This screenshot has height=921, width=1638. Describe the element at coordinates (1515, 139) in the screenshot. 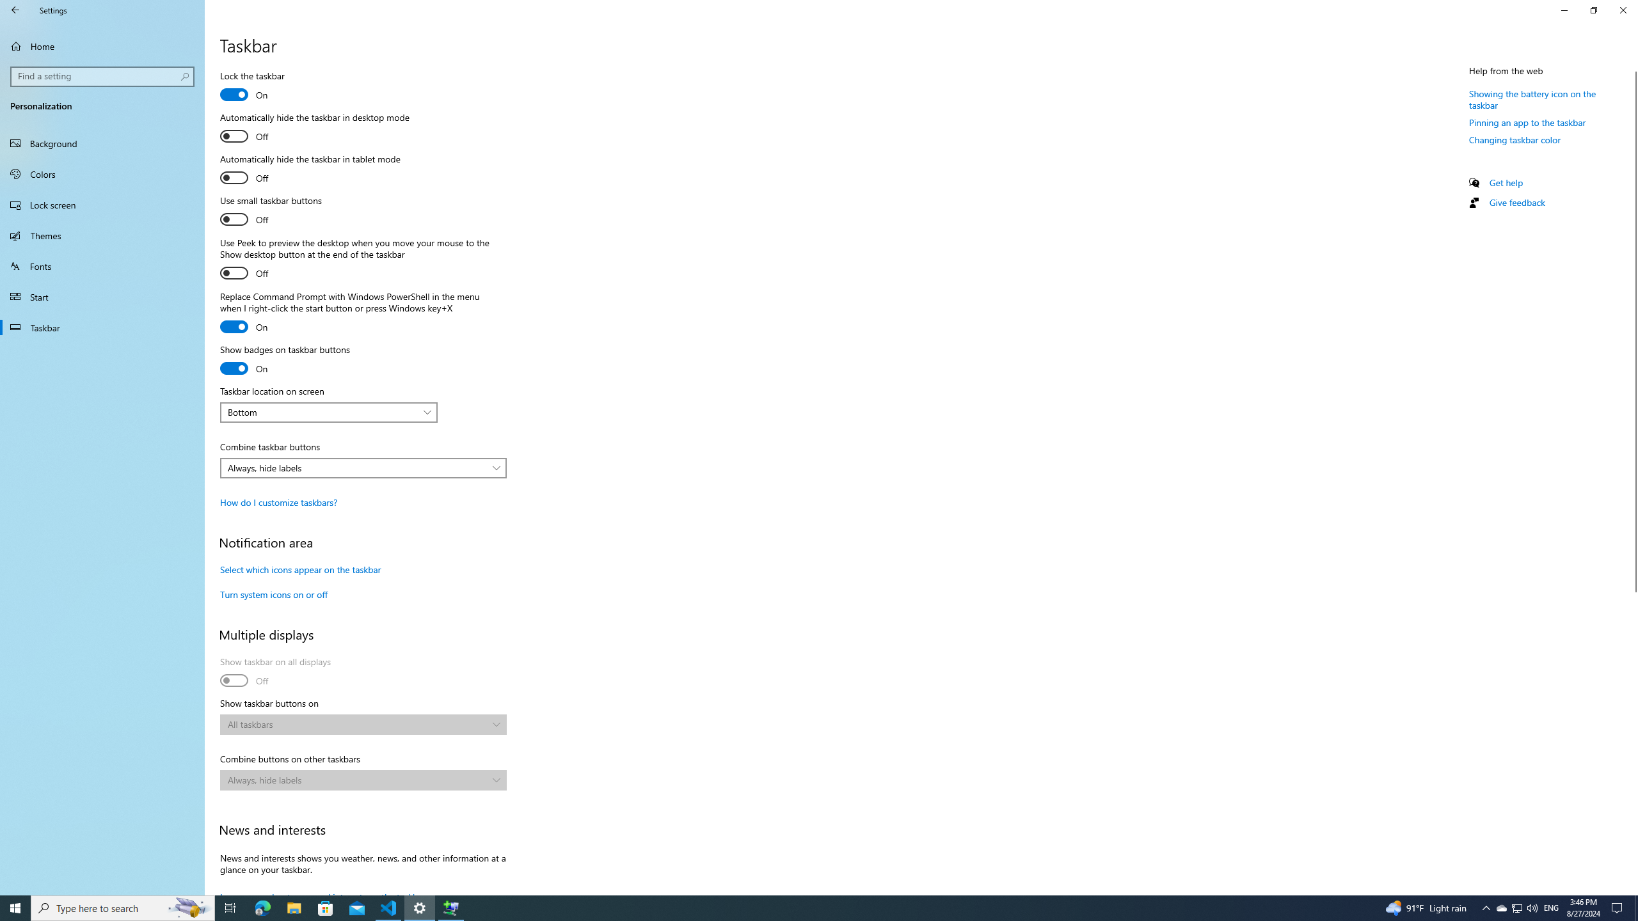

I see `'Changing taskbar color'` at that location.